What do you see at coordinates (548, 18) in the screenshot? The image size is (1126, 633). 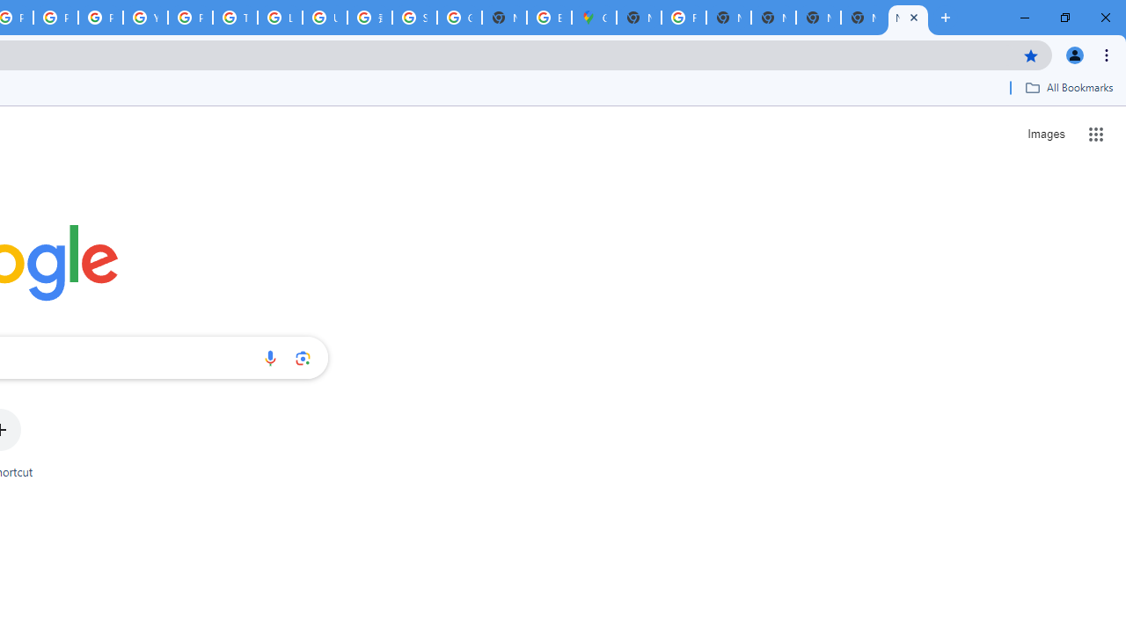 I see `'Explore new street-level details - Google Maps Help'` at bounding box center [548, 18].